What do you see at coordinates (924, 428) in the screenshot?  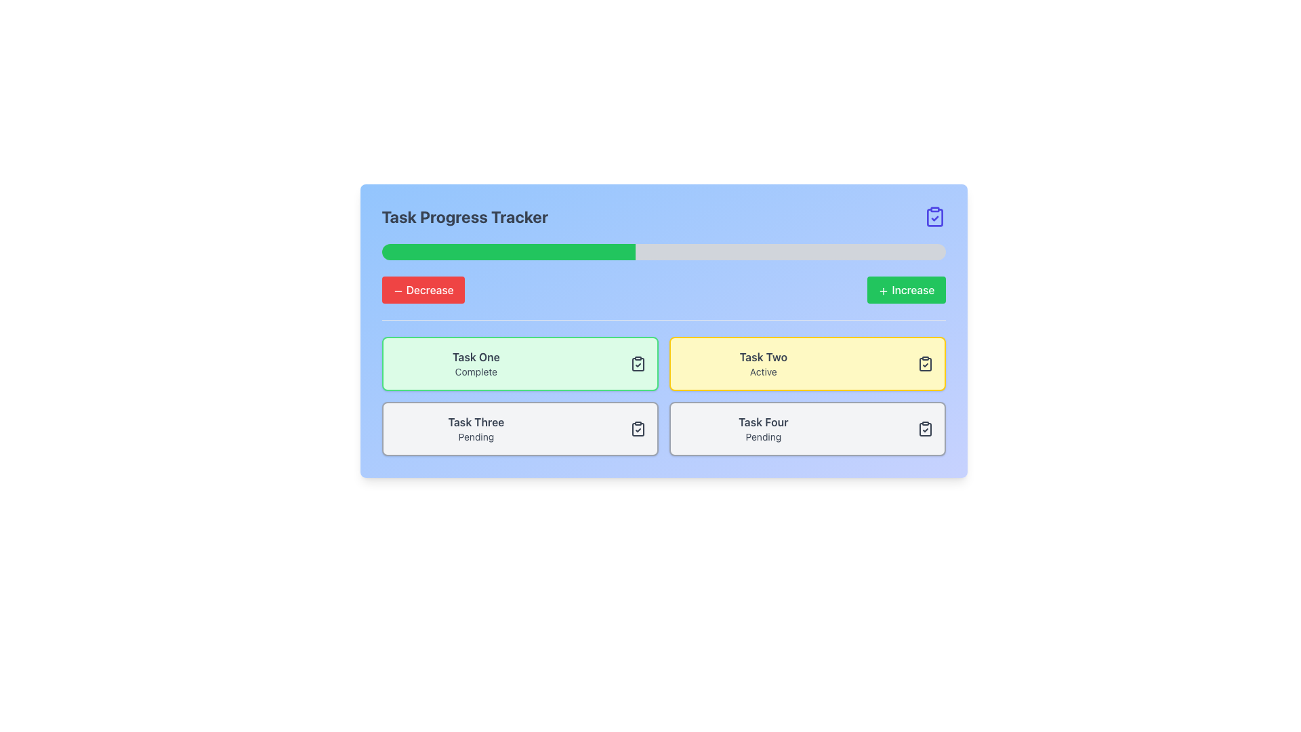 I see `the graphical icon representing the action or status related to 'Task Four' located in the bottom-right corner of the card titled 'Task Four Pending'` at bounding box center [924, 428].